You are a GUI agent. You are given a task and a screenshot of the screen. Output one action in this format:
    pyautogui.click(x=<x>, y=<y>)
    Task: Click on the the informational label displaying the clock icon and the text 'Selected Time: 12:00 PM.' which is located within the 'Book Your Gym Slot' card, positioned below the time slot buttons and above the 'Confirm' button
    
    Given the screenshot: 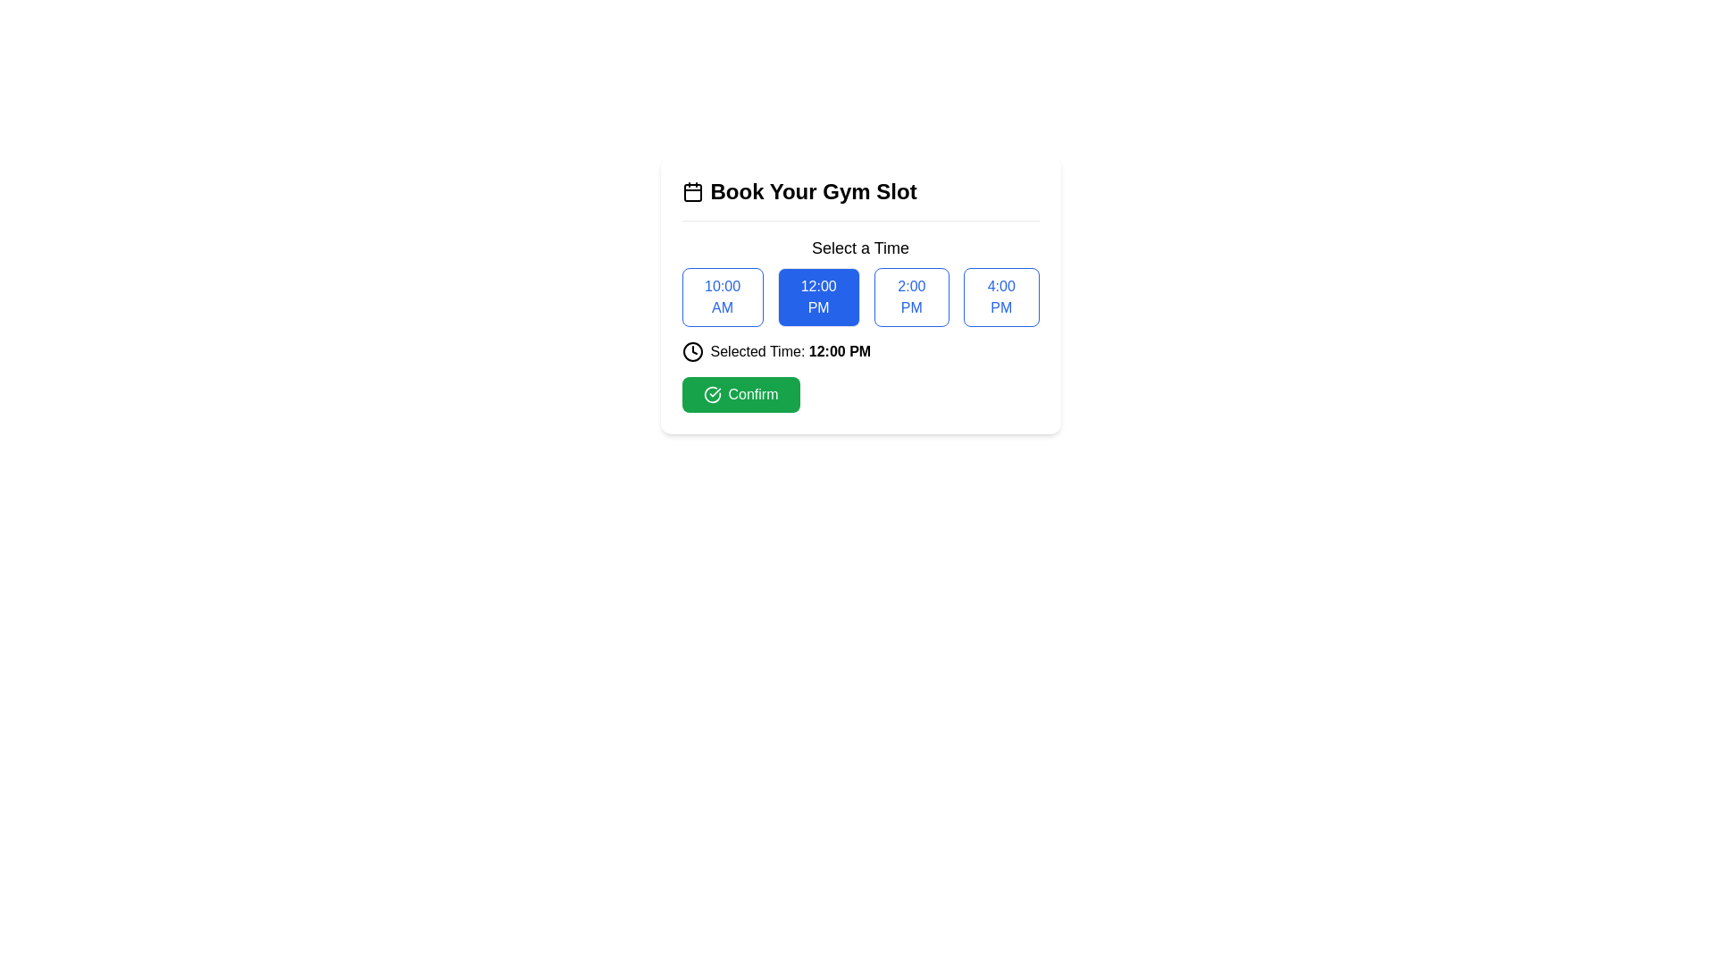 What is the action you would take?
    pyautogui.click(x=860, y=351)
    